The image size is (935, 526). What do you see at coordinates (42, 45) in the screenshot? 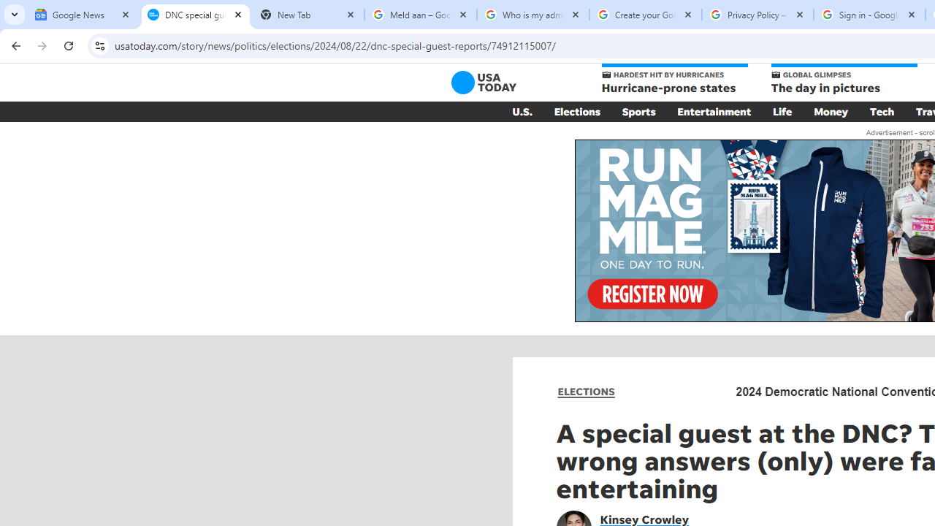
I see `'Forward'` at bounding box center [42, 45].